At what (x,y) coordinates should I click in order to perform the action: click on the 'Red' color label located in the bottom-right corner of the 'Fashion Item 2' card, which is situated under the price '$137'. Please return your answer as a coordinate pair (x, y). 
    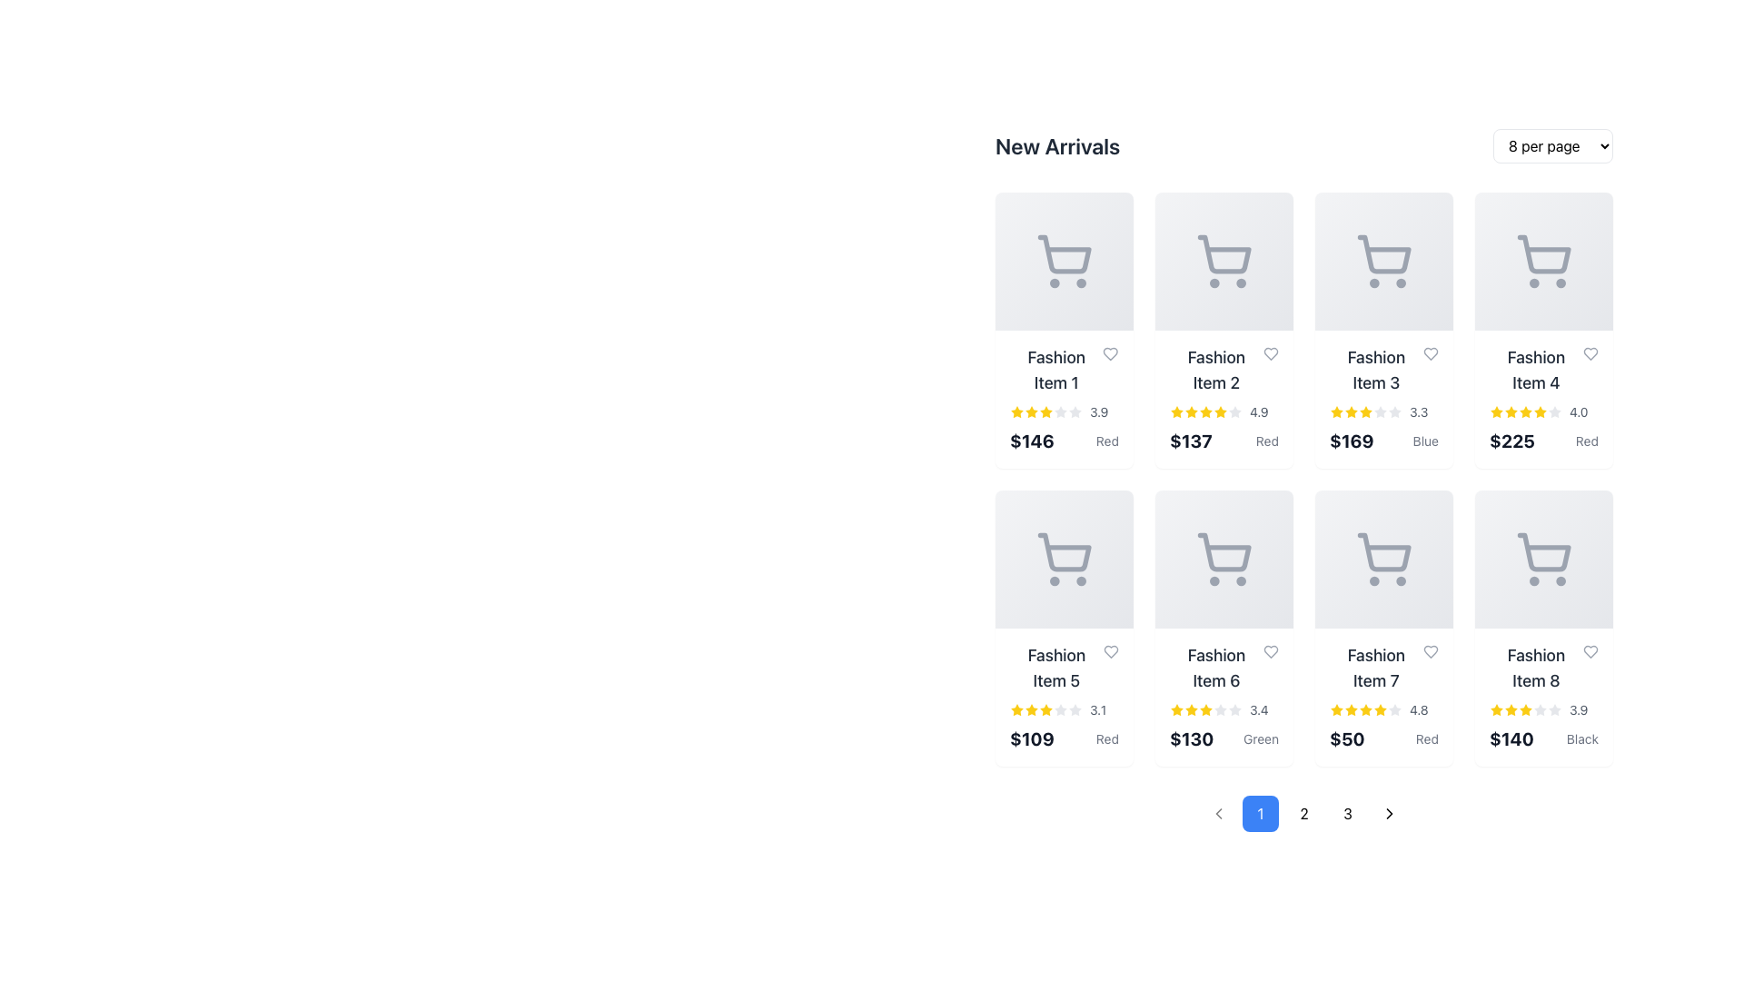
    Looking at the image, I should click on (1266, 441).